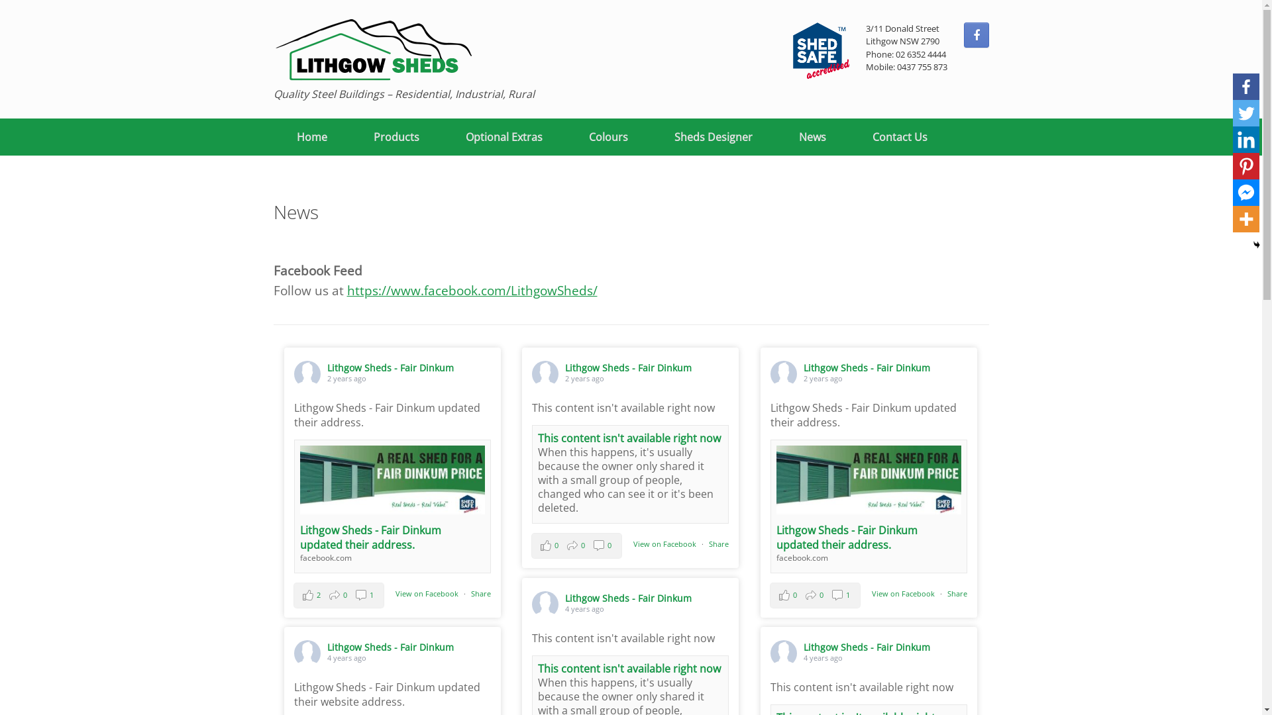 The image size is (1272, 715). I want to click on 'Hide', so click(1255, 245).